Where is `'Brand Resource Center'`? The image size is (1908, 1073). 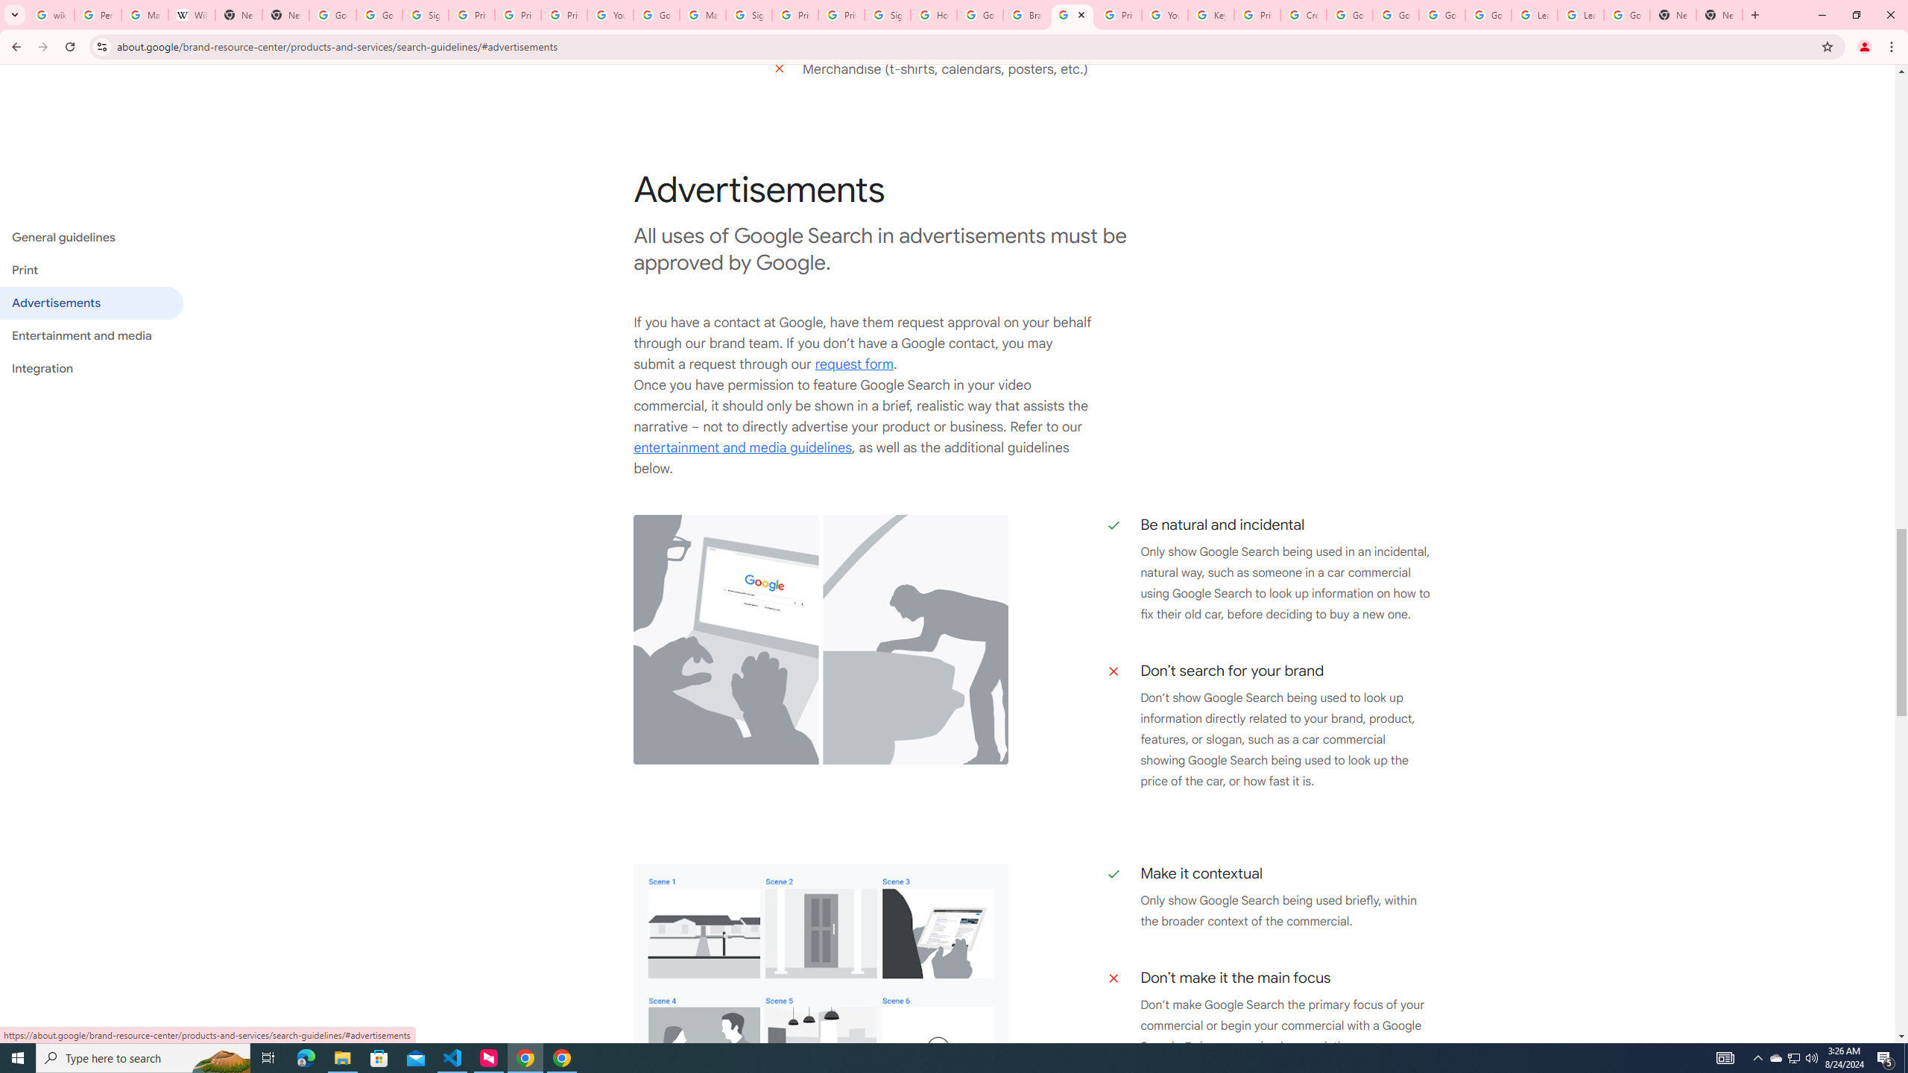
'Brand Resource Center' is located at coordinates (1026, 14).